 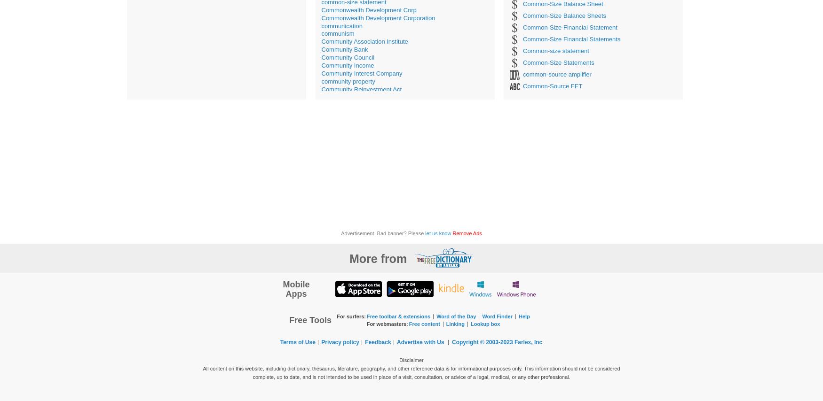 What do you see at coordinates (445, 323) in the screenshot?
I see `'Linking'` at bounding box center [445, 323].